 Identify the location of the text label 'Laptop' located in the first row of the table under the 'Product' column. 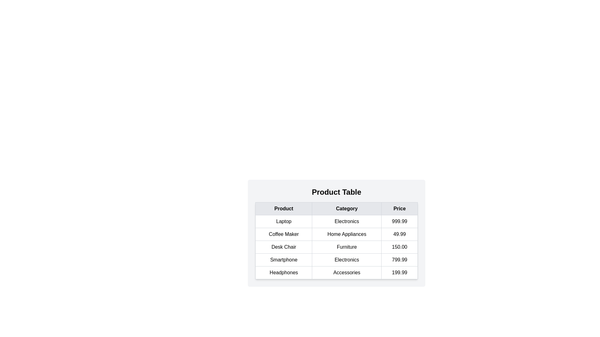
(283, 221).